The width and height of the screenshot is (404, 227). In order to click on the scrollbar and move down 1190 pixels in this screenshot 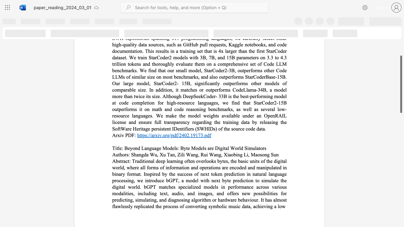, I will do `click(401, 84)`.